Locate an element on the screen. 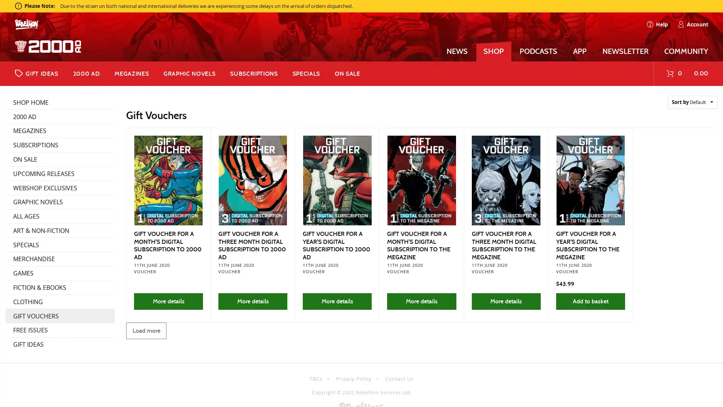 Image resolution: width=723 pixels, height=407 pixels. More details is located at coordinates (421, 301).